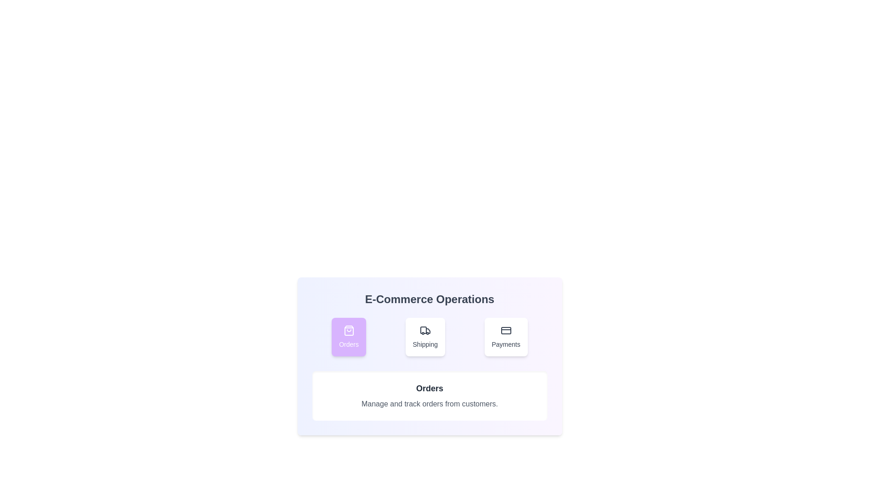 This screenshot has height=496, width=882. I want to click on the 'Shipping' card in the E-Commerce Operations section, so click(429, 337).